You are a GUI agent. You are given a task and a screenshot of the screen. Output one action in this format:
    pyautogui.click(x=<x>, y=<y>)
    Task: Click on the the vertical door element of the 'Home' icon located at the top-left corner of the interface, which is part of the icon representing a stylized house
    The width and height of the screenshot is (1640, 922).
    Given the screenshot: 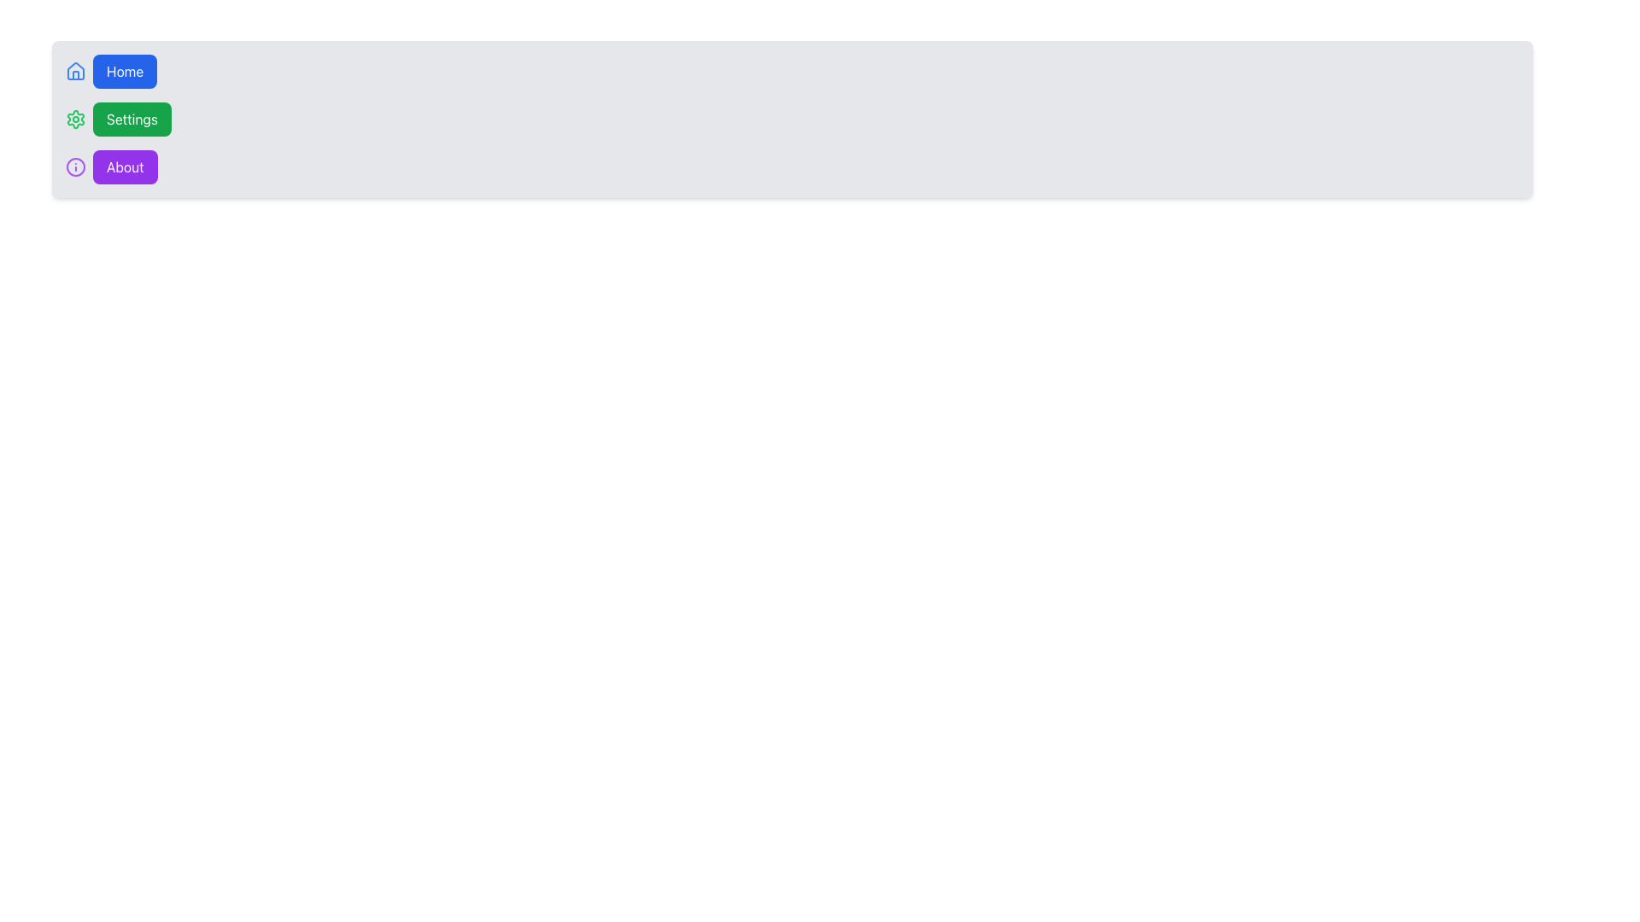 What is the action you would take?
    pyautogui.click(x=75, y=74)
    